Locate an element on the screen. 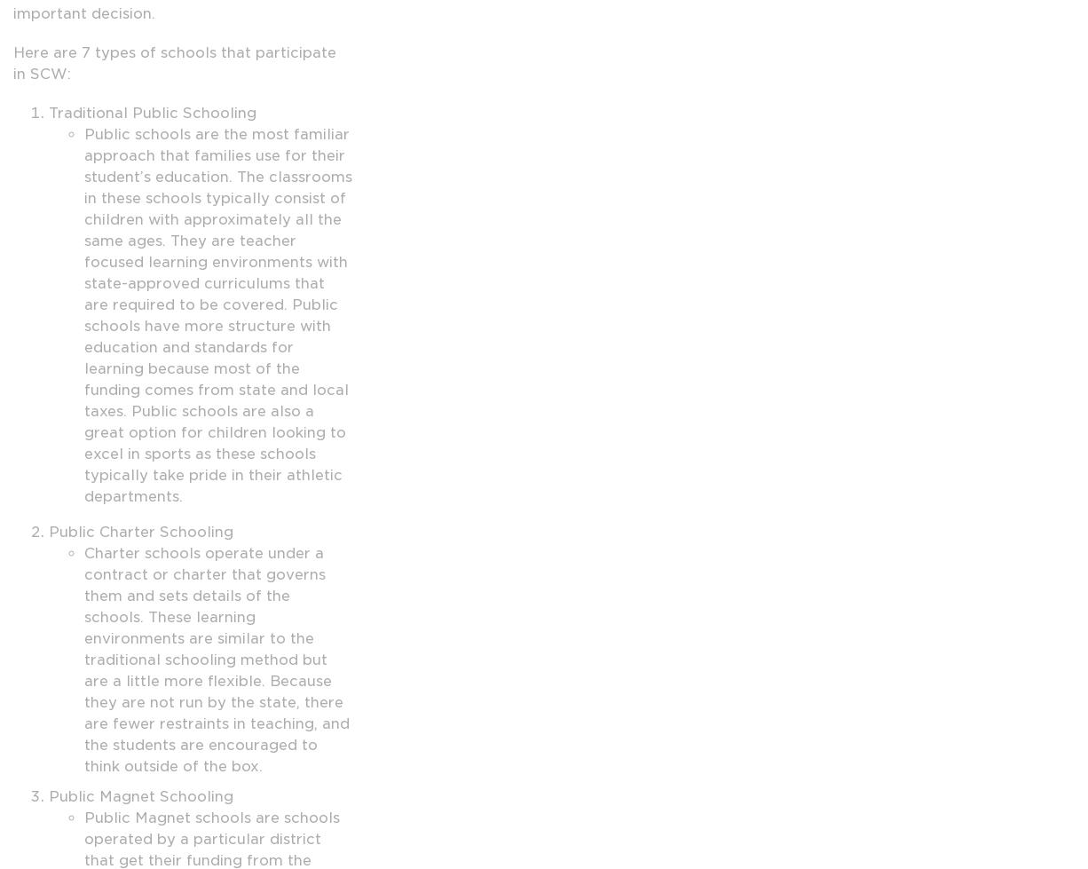  'Humanus Family' is located at coordinates (260, 717).